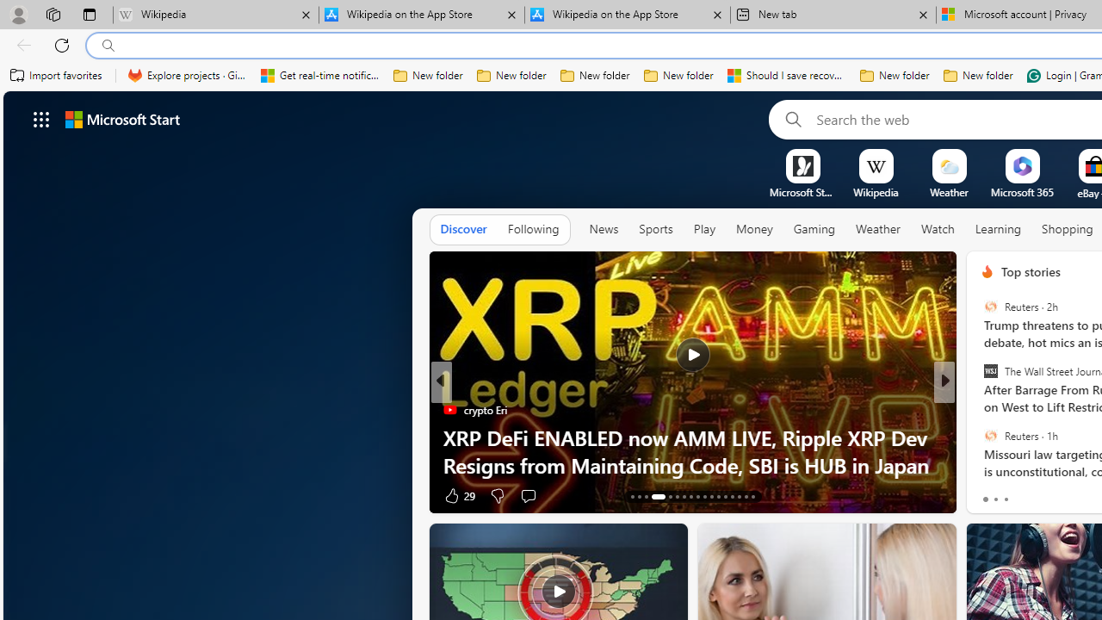 This screenshot has height=620, width=1102. Describe the element at coordinates (980, 436) in the screenshot. I see `'Newsweek'` at that location.